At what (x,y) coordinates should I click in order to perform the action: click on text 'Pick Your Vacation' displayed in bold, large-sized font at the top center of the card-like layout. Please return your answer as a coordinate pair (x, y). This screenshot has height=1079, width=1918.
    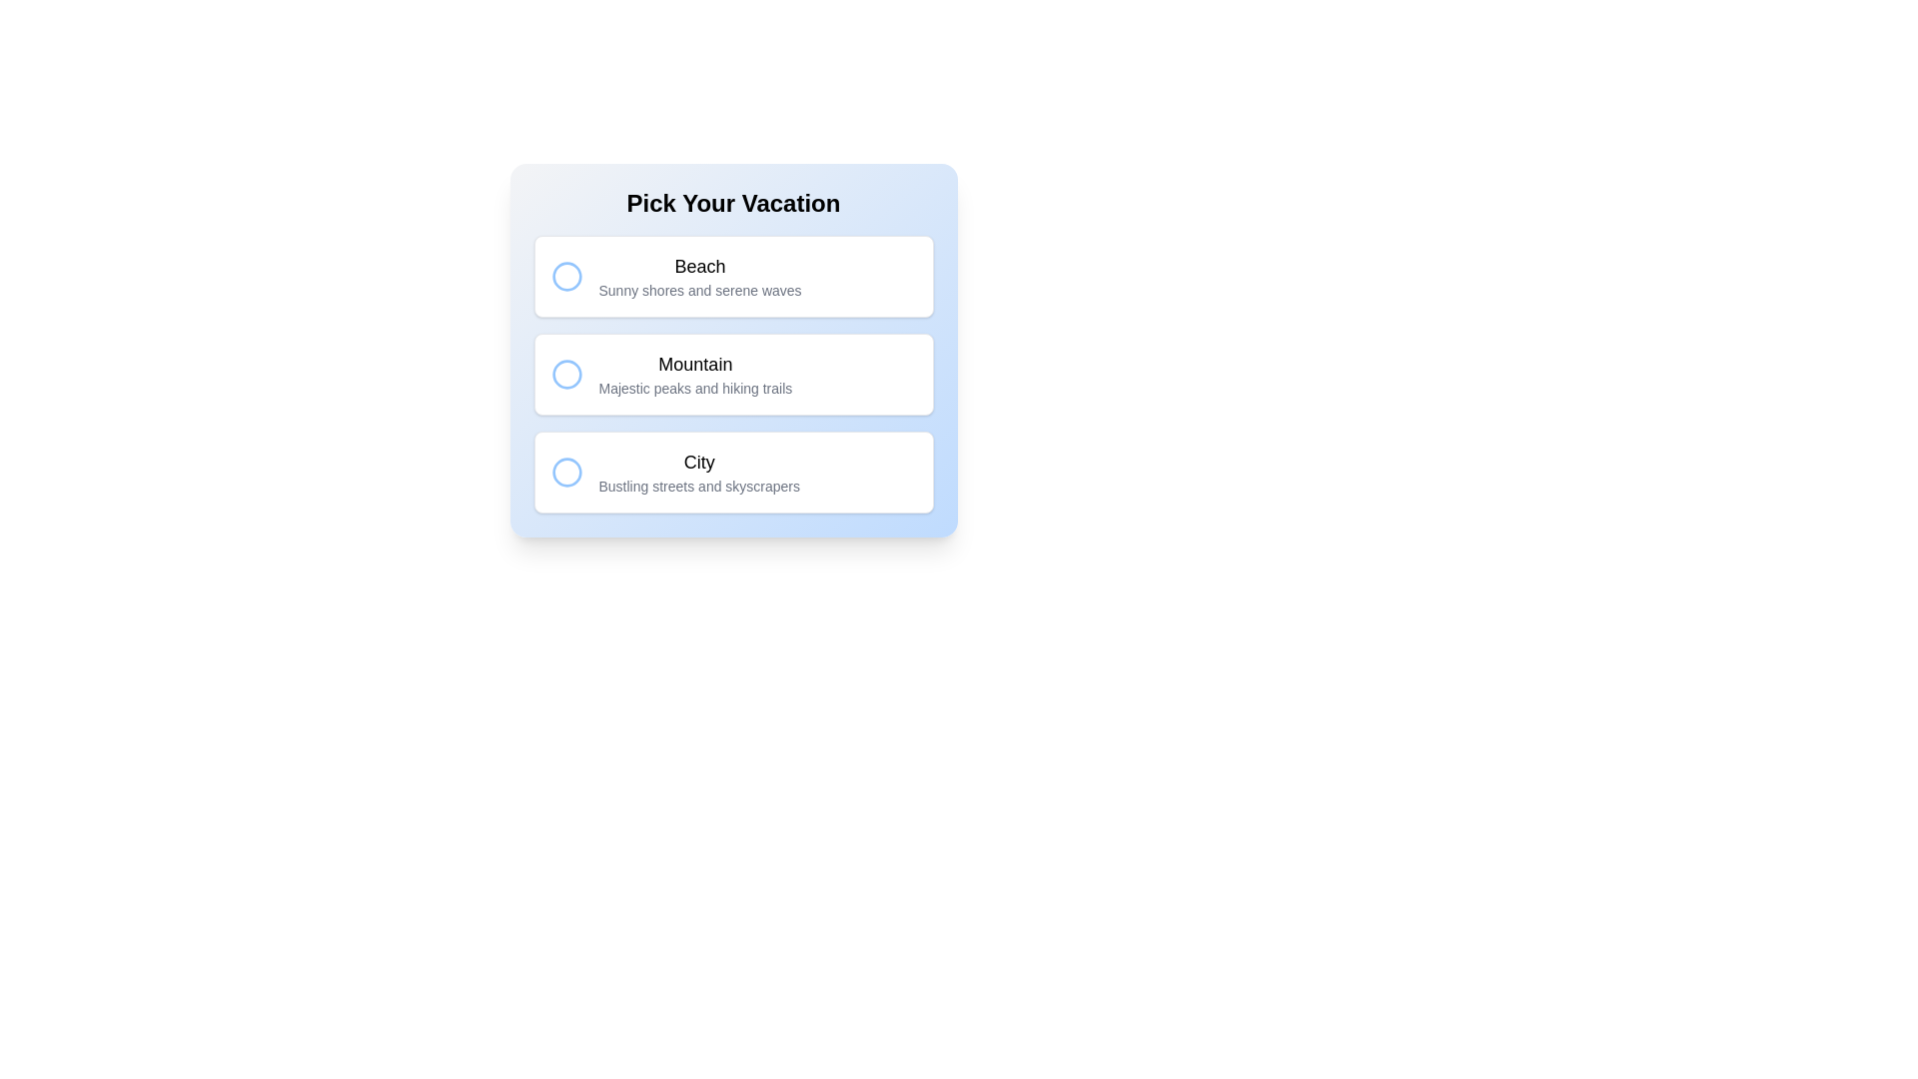
    Looking at the image, I should click on (732, 204).